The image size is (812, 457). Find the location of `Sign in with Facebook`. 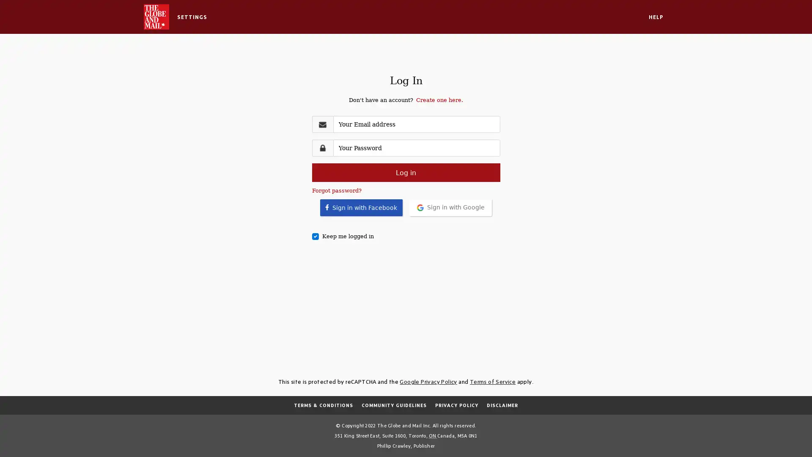

Sign in with Facebook is located at coordinates (361, 207).